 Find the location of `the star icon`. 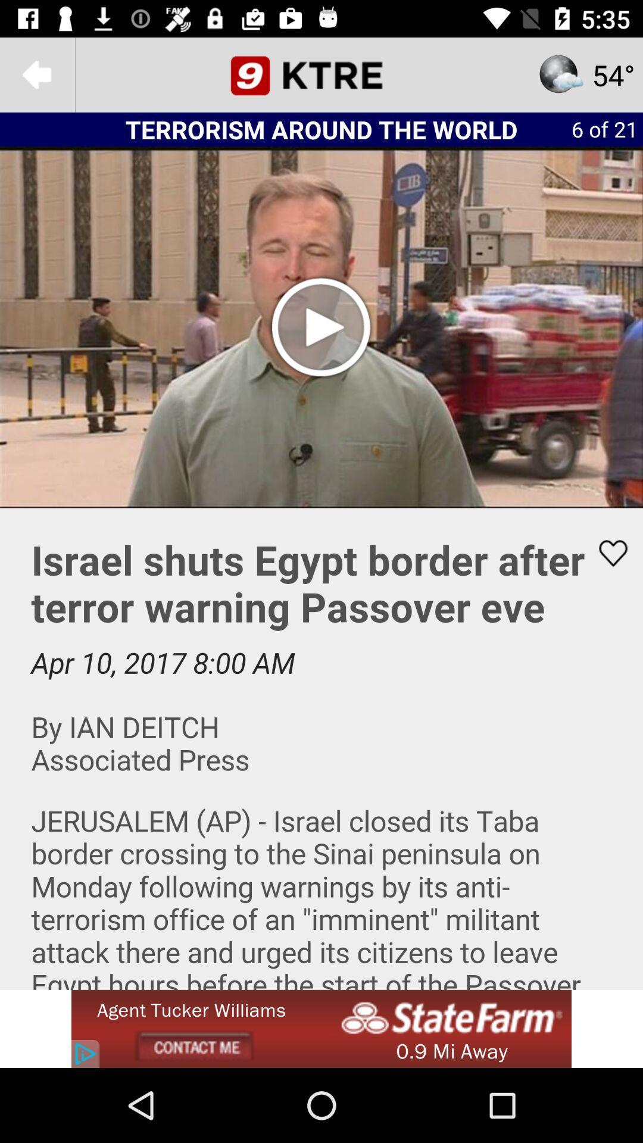

the star icon is located at coordinates (585, 74).